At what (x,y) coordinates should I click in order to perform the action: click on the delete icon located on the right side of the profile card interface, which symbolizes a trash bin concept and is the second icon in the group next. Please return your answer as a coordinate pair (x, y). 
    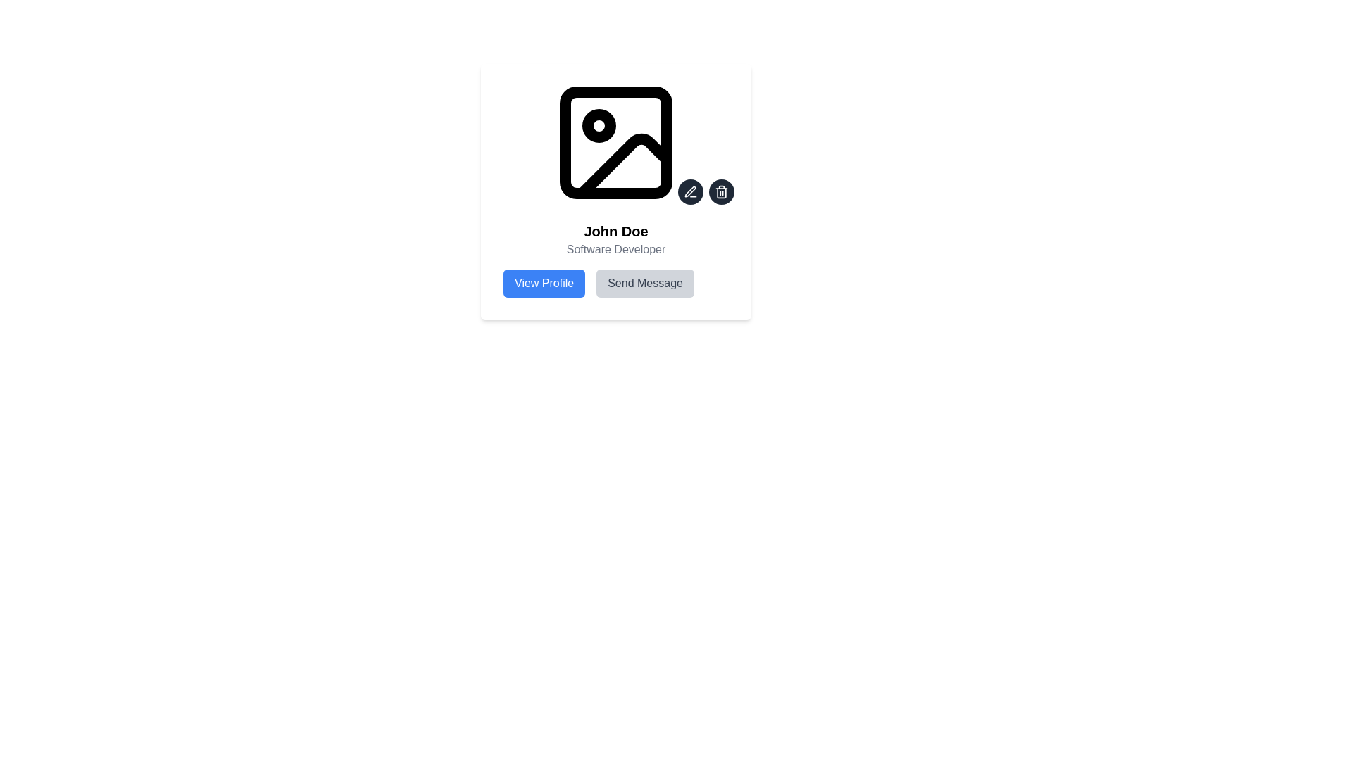
    Looking at the image, I should click on (722, 193).